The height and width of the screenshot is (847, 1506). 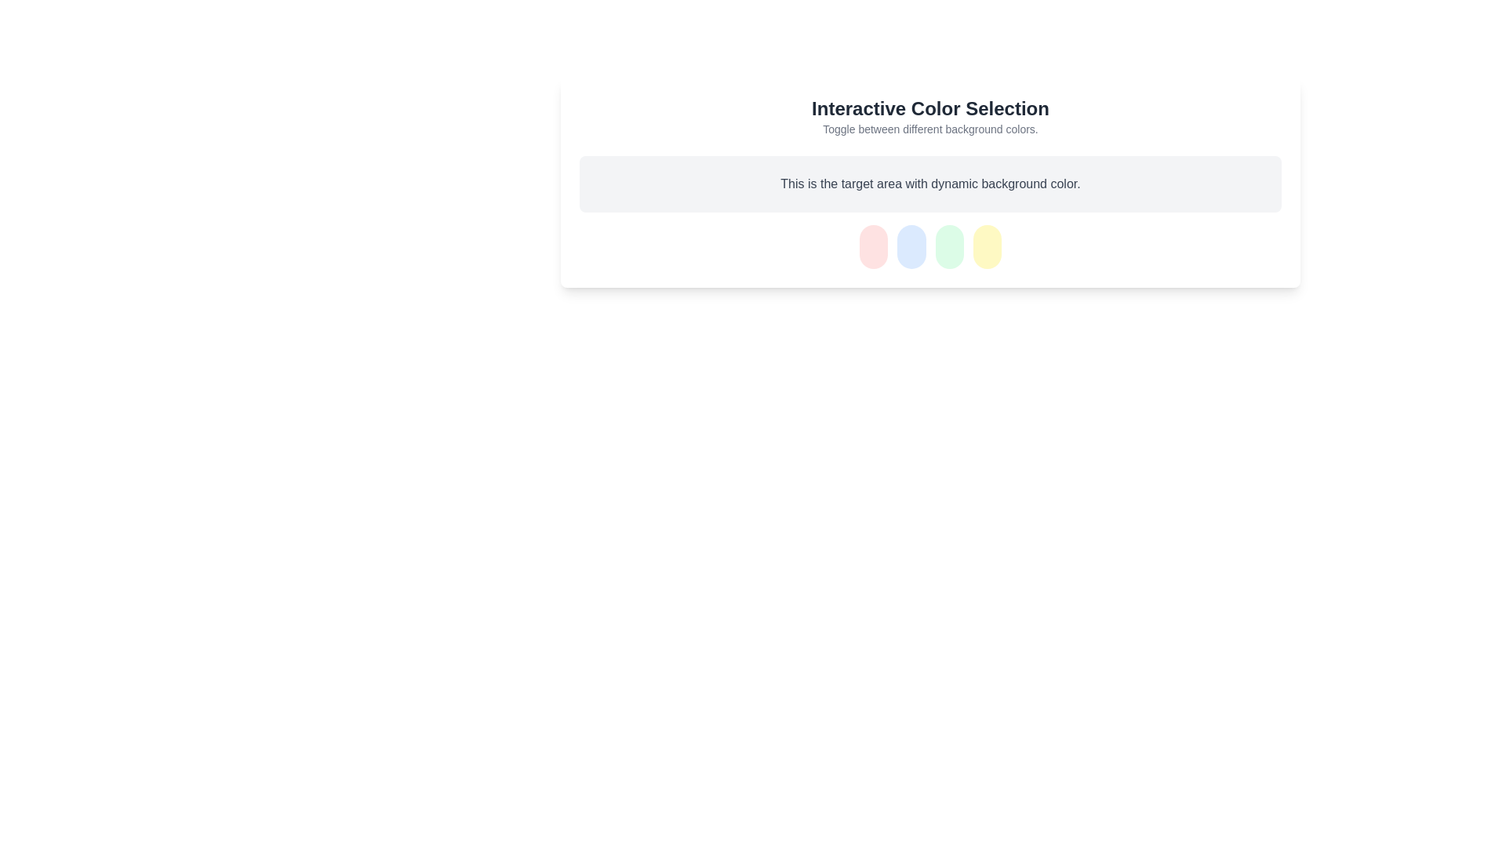 I want to click on the second circular button located between a red button on the left and a green button on the right, so click(x=911, y=247).